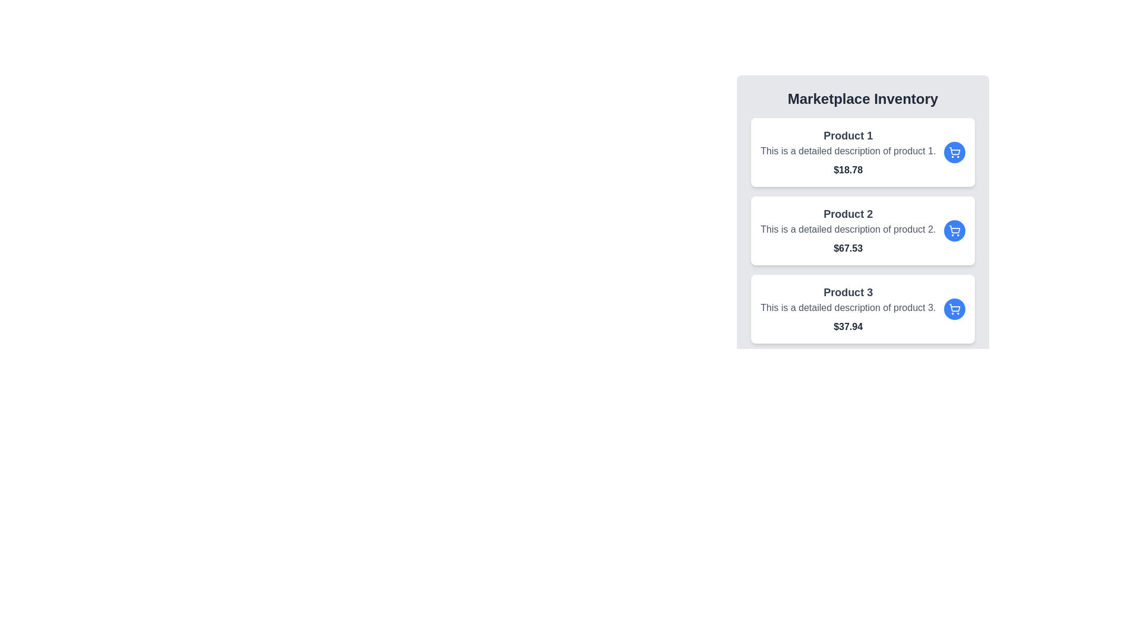 This screenshot has height=641, width=1140. Describe the element at coordinates (955, 308) in the screenshot. I see `the circular blue button with a white shopping cart icon` at that location.